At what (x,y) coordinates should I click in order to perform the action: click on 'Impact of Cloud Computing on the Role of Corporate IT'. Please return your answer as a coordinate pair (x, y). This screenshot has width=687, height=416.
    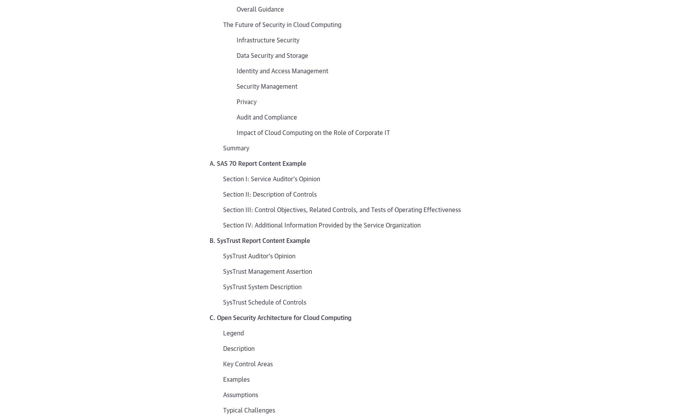
    Looking at the image, I should click on (313, 132).